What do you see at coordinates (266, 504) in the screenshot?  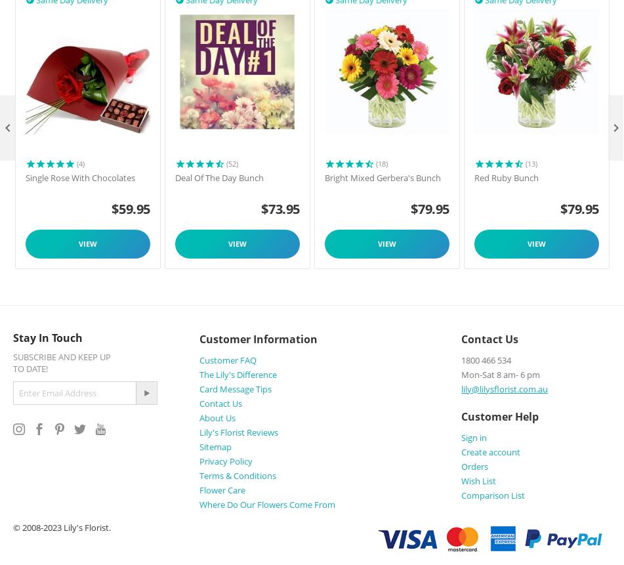 I see `'Where Do Our Flowers Come From'` at bounding box center [266, 504].